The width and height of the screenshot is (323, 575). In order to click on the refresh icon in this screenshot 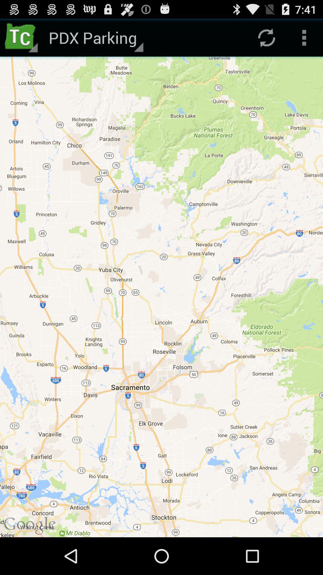, I will do `click(266, 40)`.